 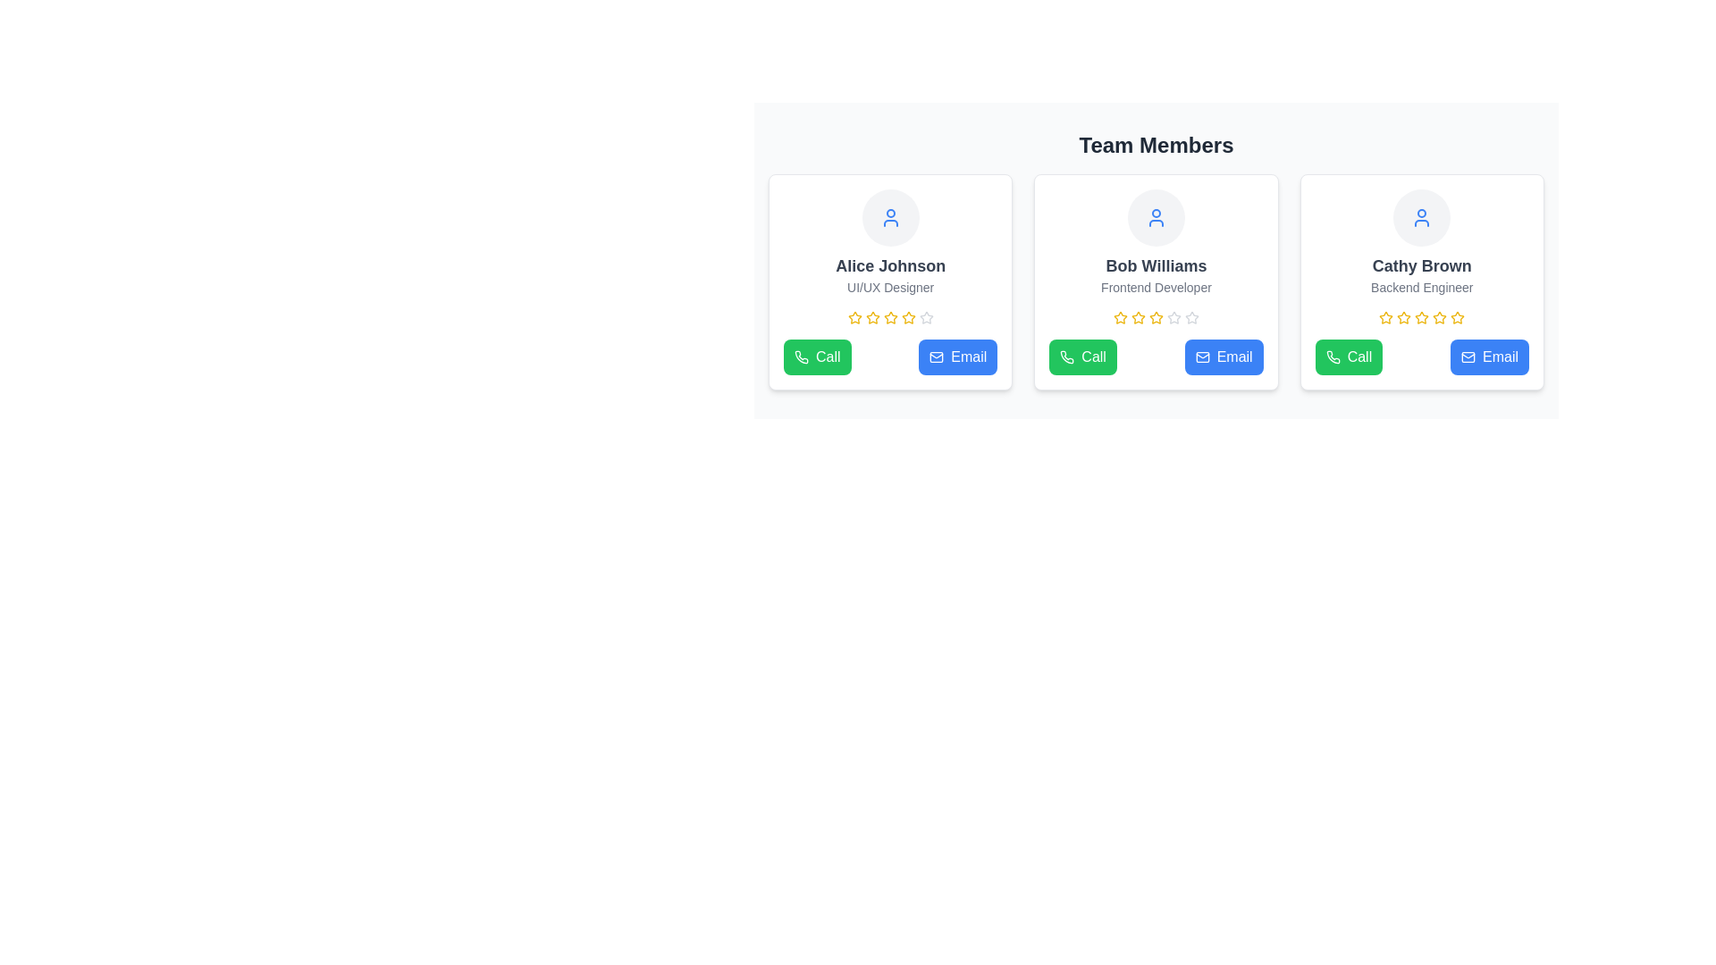 I want to click on text label 'Backend Engineer' located below the name 'Cathy Brown' in the profile card, so click(x=1421, y=286).